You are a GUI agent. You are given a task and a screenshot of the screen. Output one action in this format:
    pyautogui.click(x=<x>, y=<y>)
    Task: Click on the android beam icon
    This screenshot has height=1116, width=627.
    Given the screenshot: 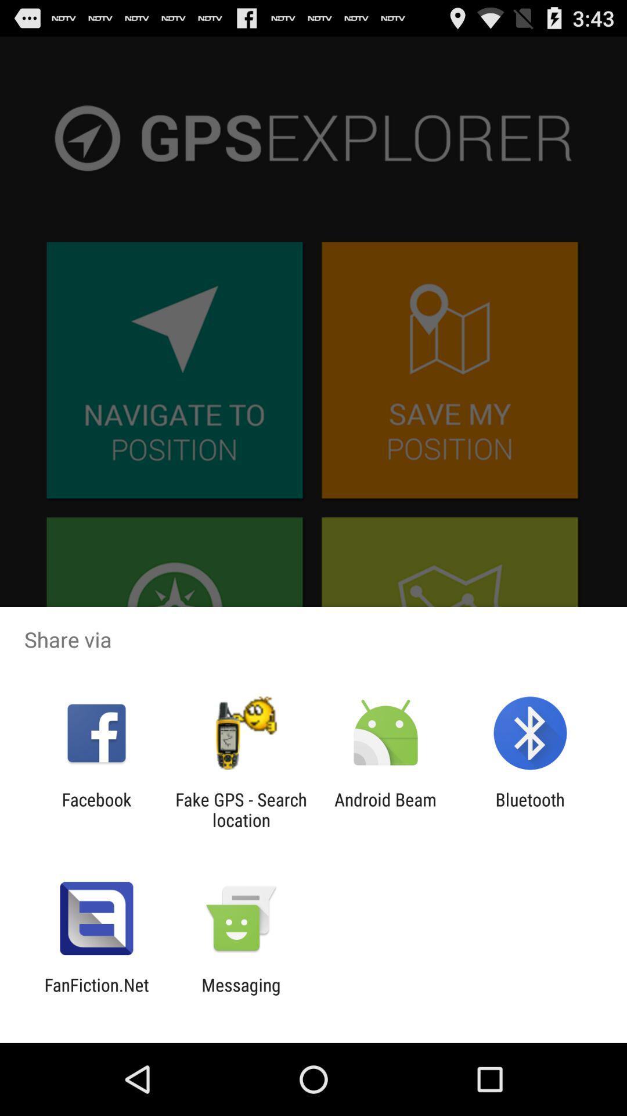 What is the action you would take?
    pyautogui.click(x=385, y=809)
    